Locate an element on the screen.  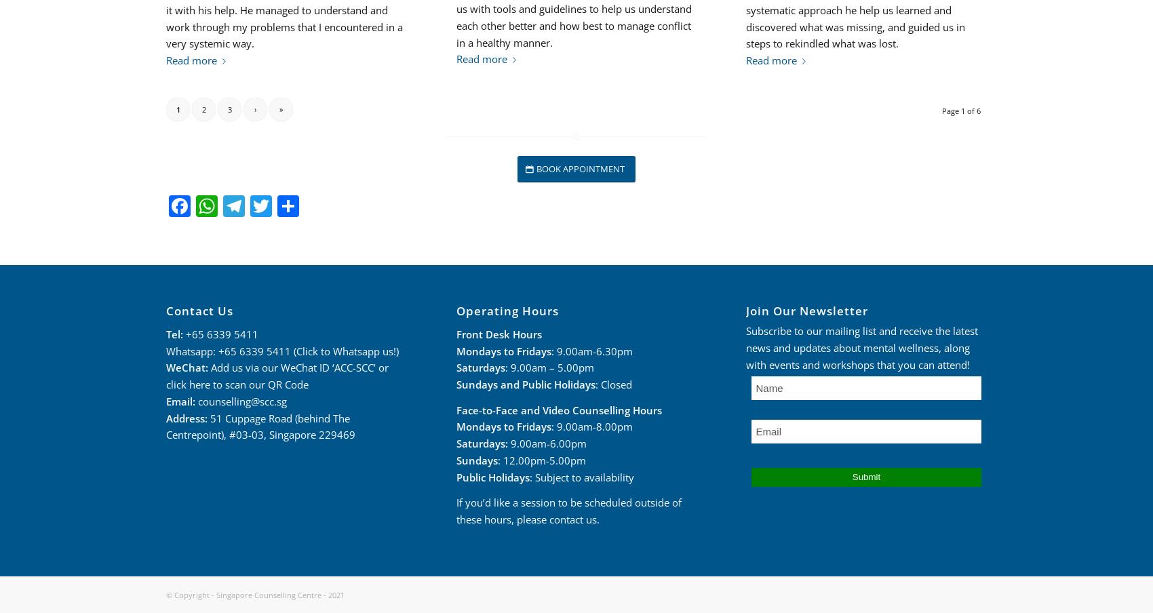
'51 Cuppage Road (behind The Centrepoint), #03-03, Singapore 229469' is located at coordinates (260, 426).